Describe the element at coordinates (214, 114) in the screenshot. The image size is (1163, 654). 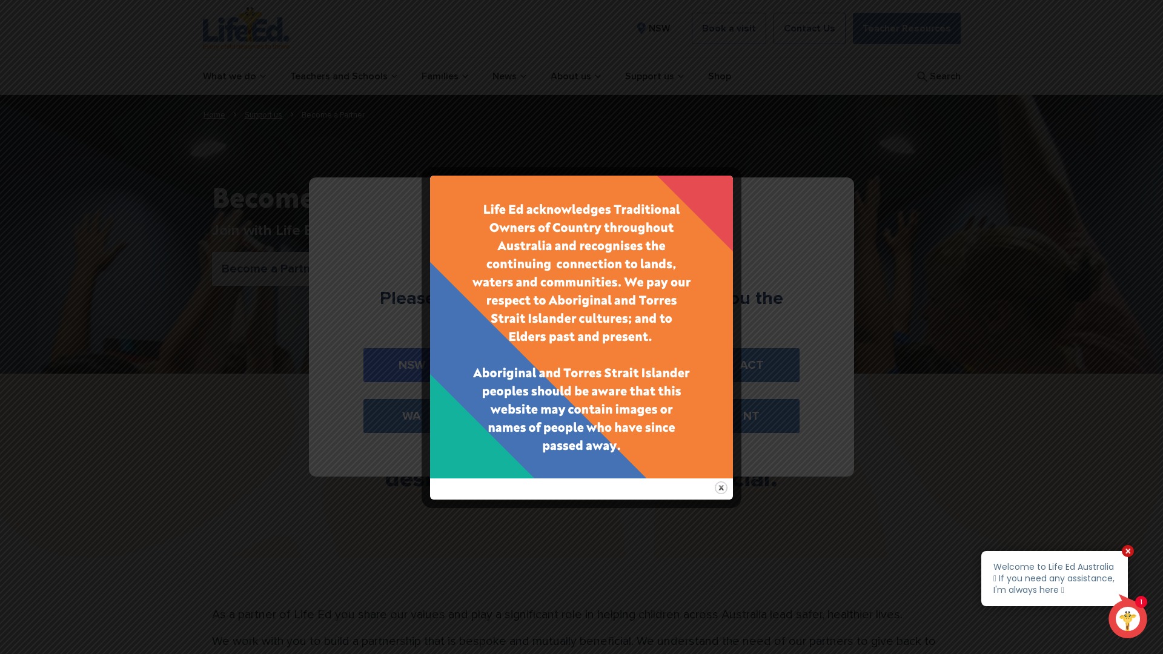
I see `'Home'` at that location.